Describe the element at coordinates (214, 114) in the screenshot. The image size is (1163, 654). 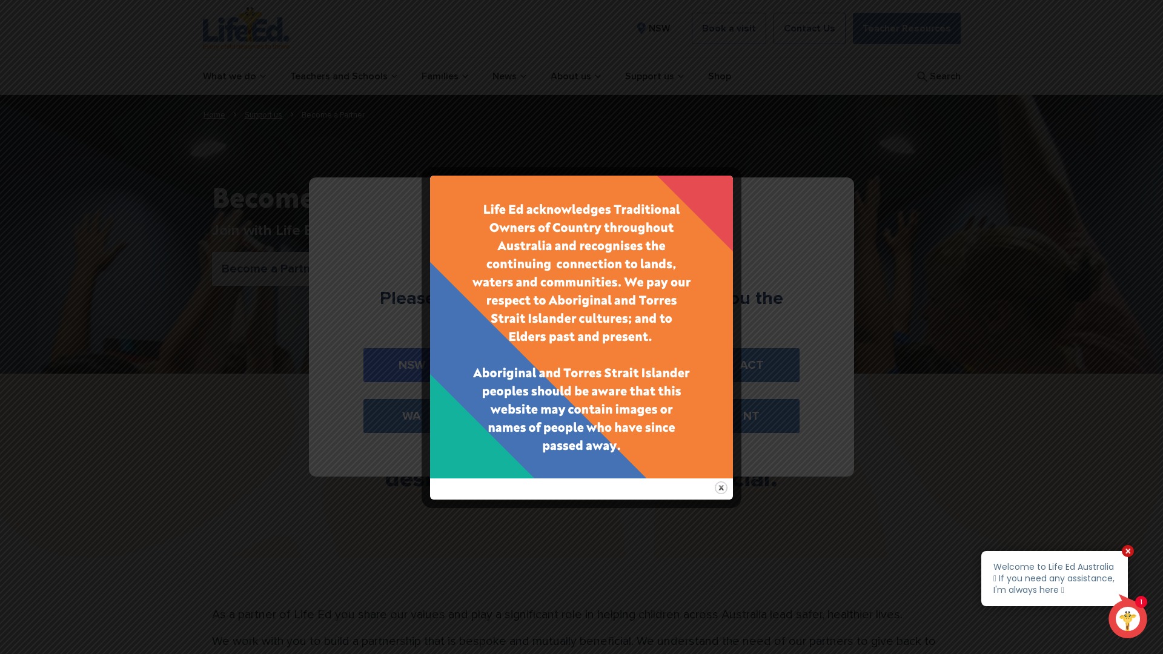
I see `'Home'` at that location.